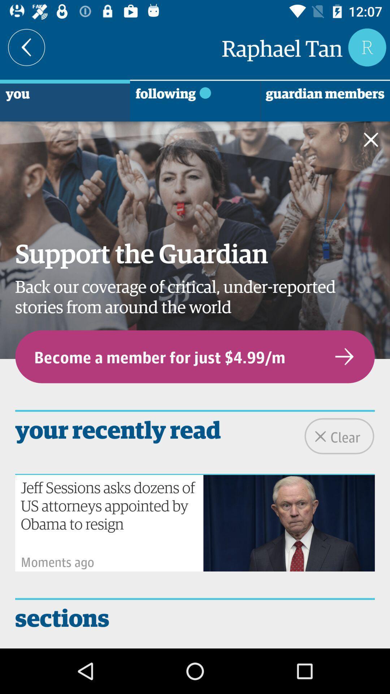 This screenshot has height=694, width=390. Describe the element at coordinates (26, 47) in the screenshot. I see `icon to the left of raphael tan icon` at that location.